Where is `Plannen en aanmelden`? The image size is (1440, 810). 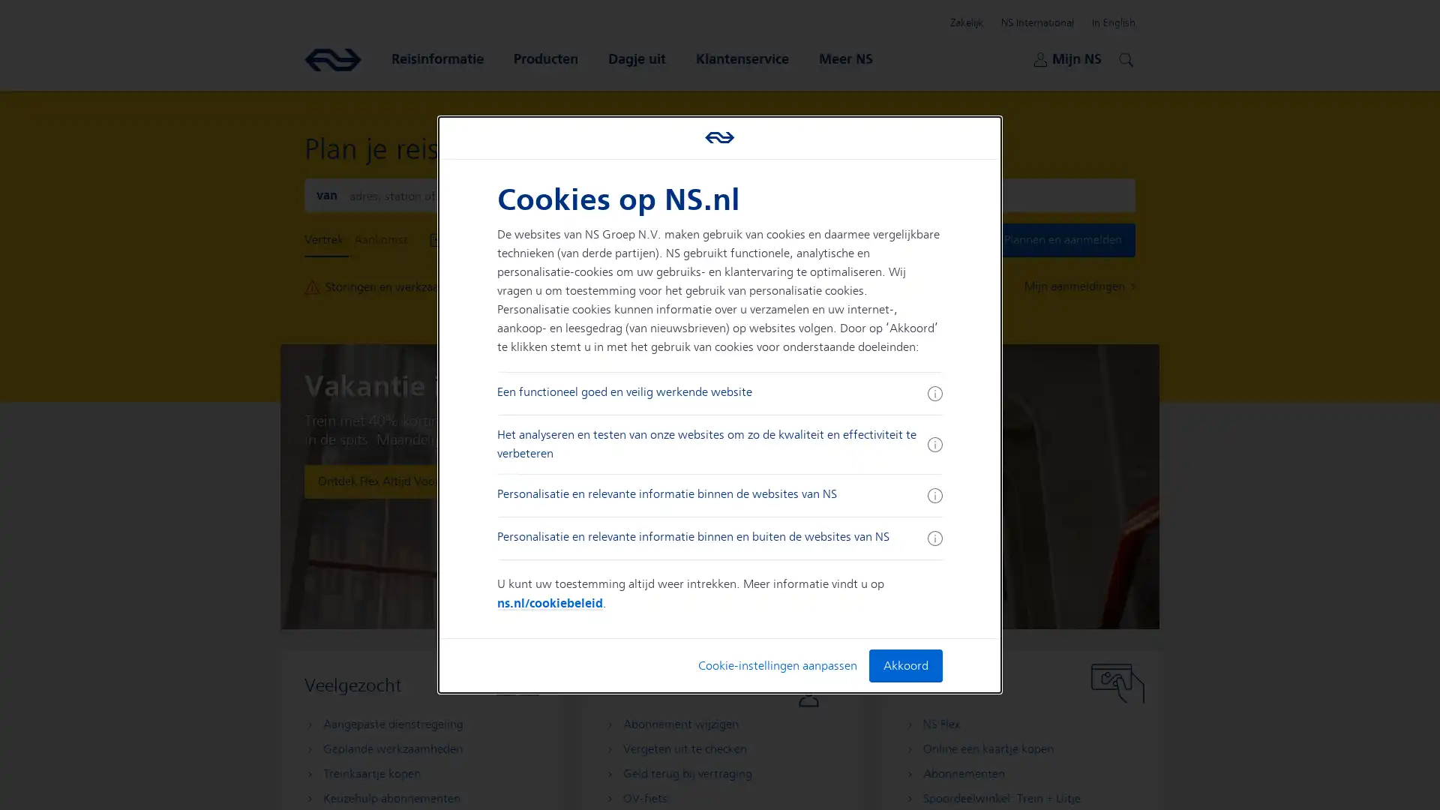
Plannen en aanmelden is located at coordinates (1062, 239).